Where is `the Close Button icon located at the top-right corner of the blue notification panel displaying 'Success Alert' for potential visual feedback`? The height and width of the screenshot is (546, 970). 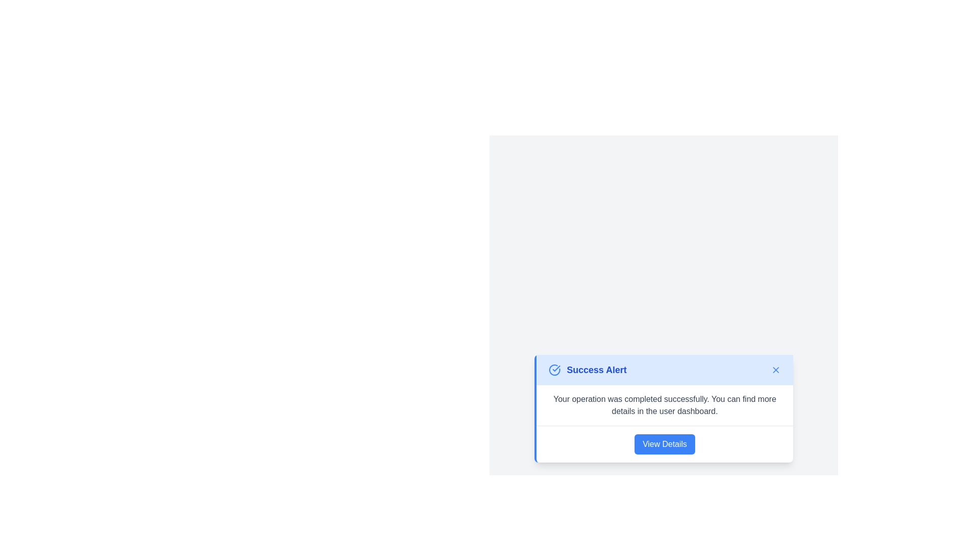 the Close Button icon located at the top-right corner of the blue notification panel displaying 'Success Alert' for potential visual feedback is located at coordinates (775, 370).